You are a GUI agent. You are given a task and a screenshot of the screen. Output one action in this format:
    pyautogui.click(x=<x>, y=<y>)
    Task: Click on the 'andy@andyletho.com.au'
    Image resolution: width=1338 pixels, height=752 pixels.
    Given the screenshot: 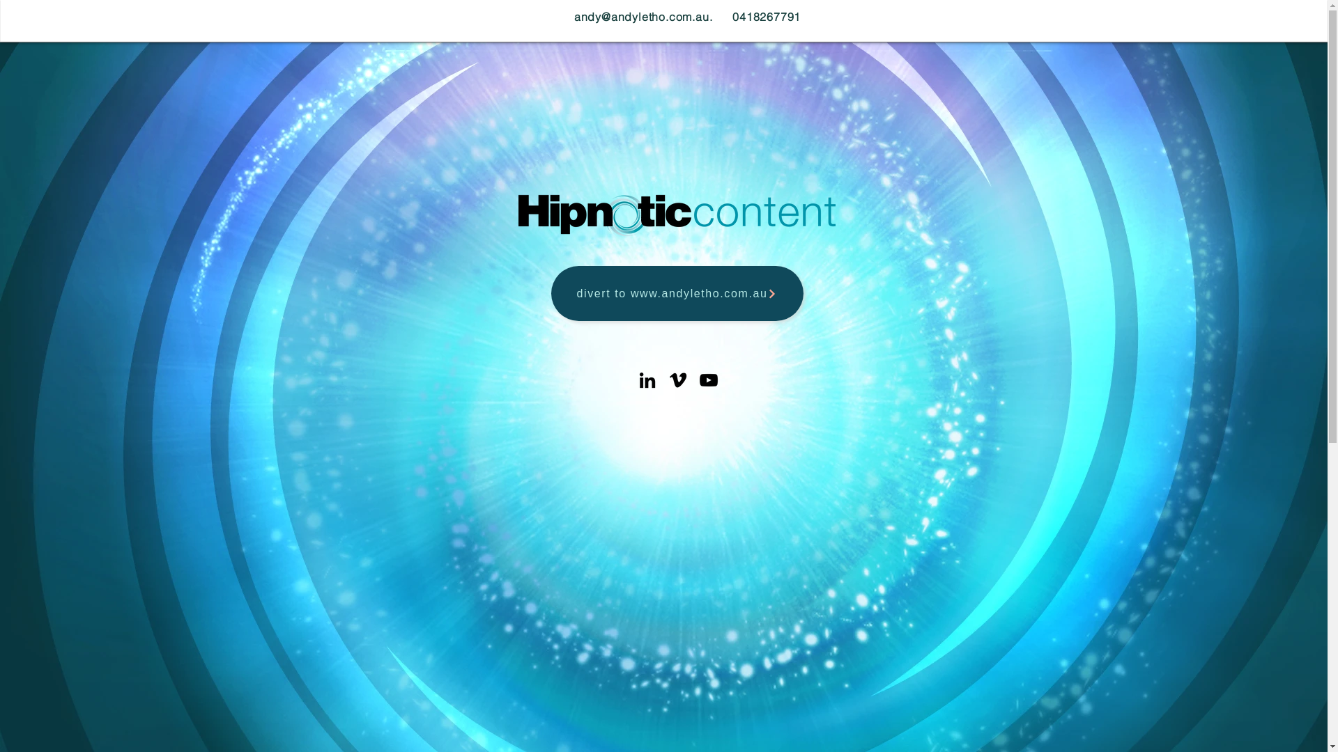 What is the action you would take?
    pyautogui.click(x=641, y=16)
    